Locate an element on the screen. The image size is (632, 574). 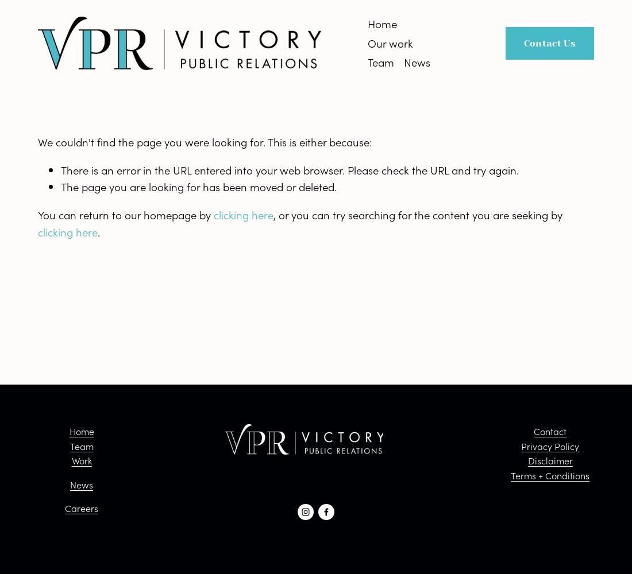
'Privacy Policy' is located at coordinates (550, 445).